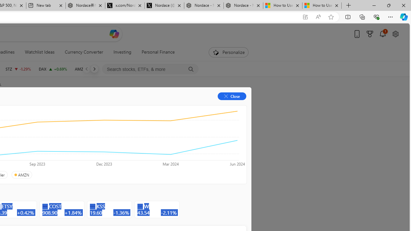  What do you see at coordinates (156, 52) in the screenshot?
I see `'Personal Finance'` at bounding box center [156, 52].